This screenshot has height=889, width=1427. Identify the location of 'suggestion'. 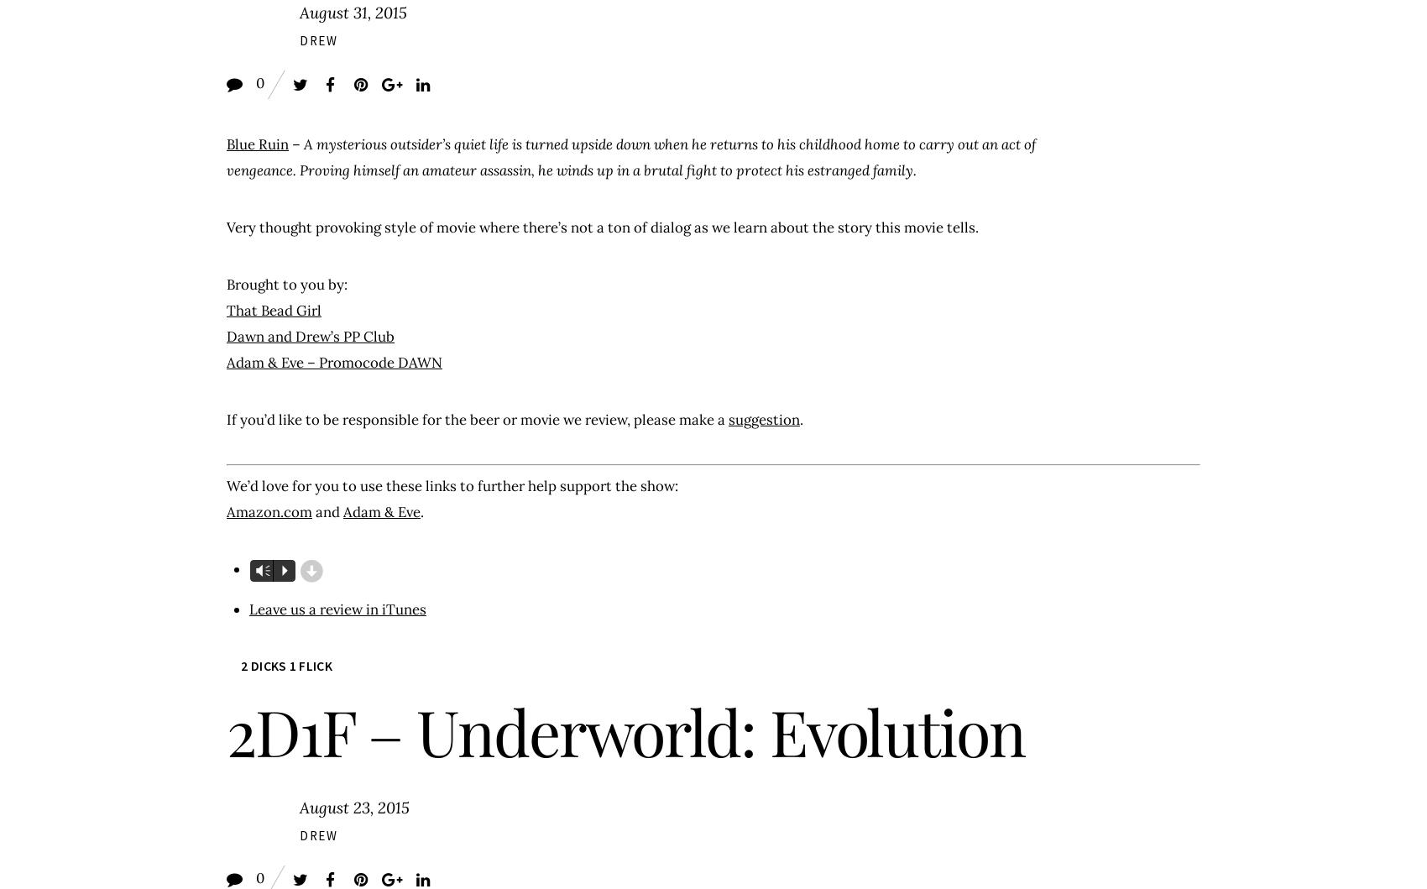
(764, 419).